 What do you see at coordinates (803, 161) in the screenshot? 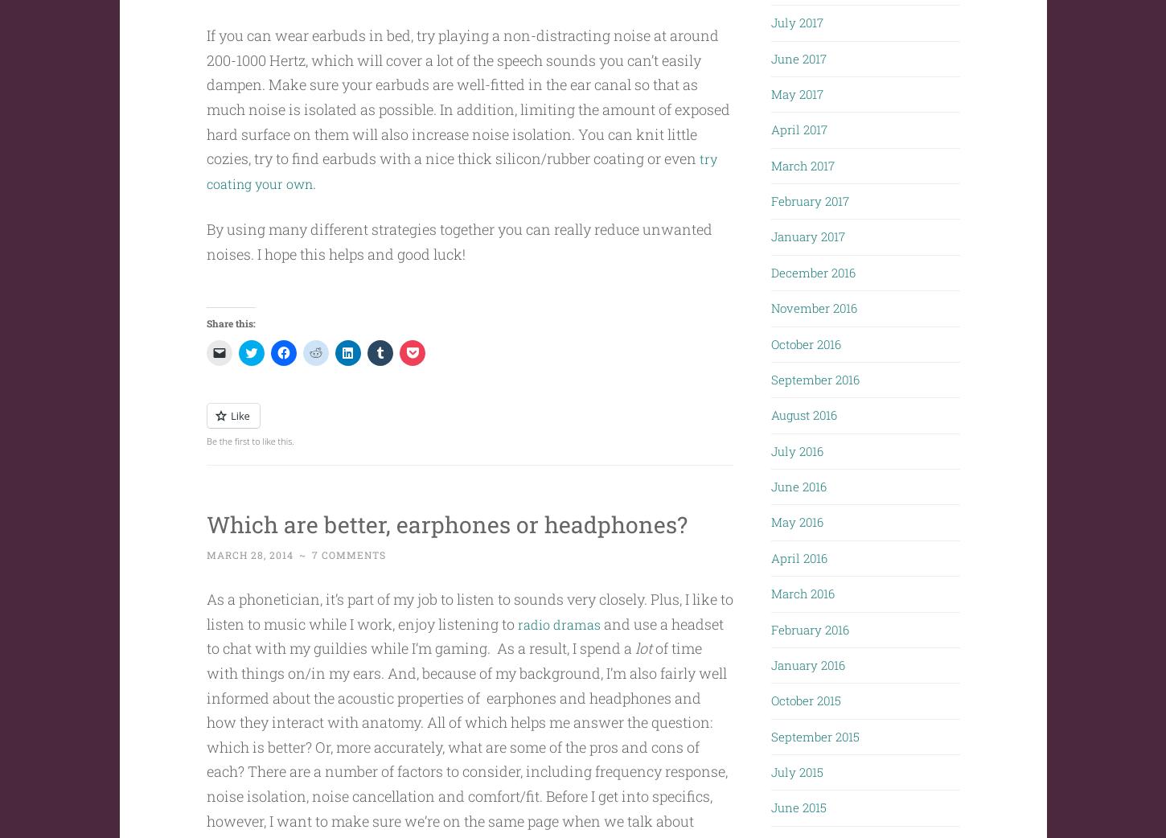
I see `'March 2017'` at bounding box center [803, 161].